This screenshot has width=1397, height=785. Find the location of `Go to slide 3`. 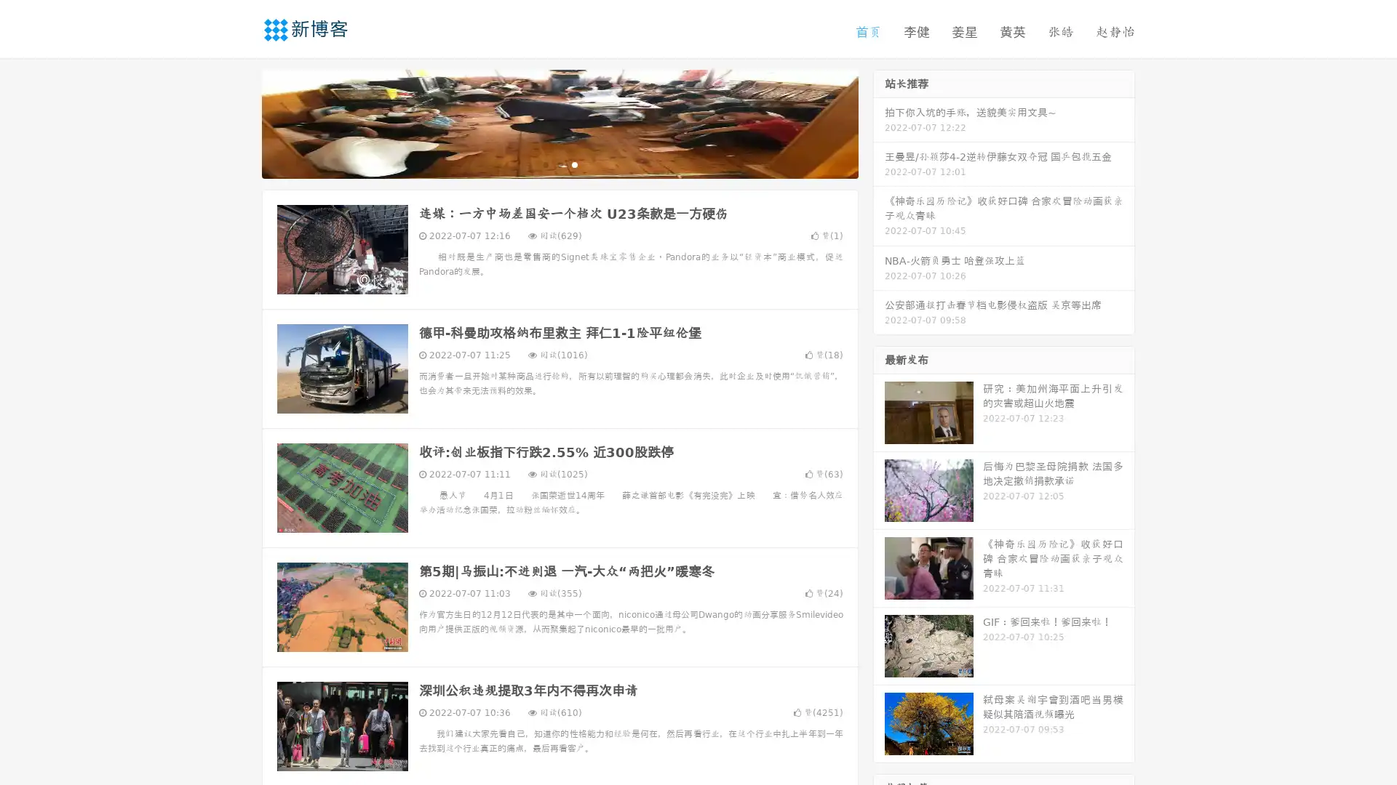

Go to slide 3 is located at coordinates (574, 164).